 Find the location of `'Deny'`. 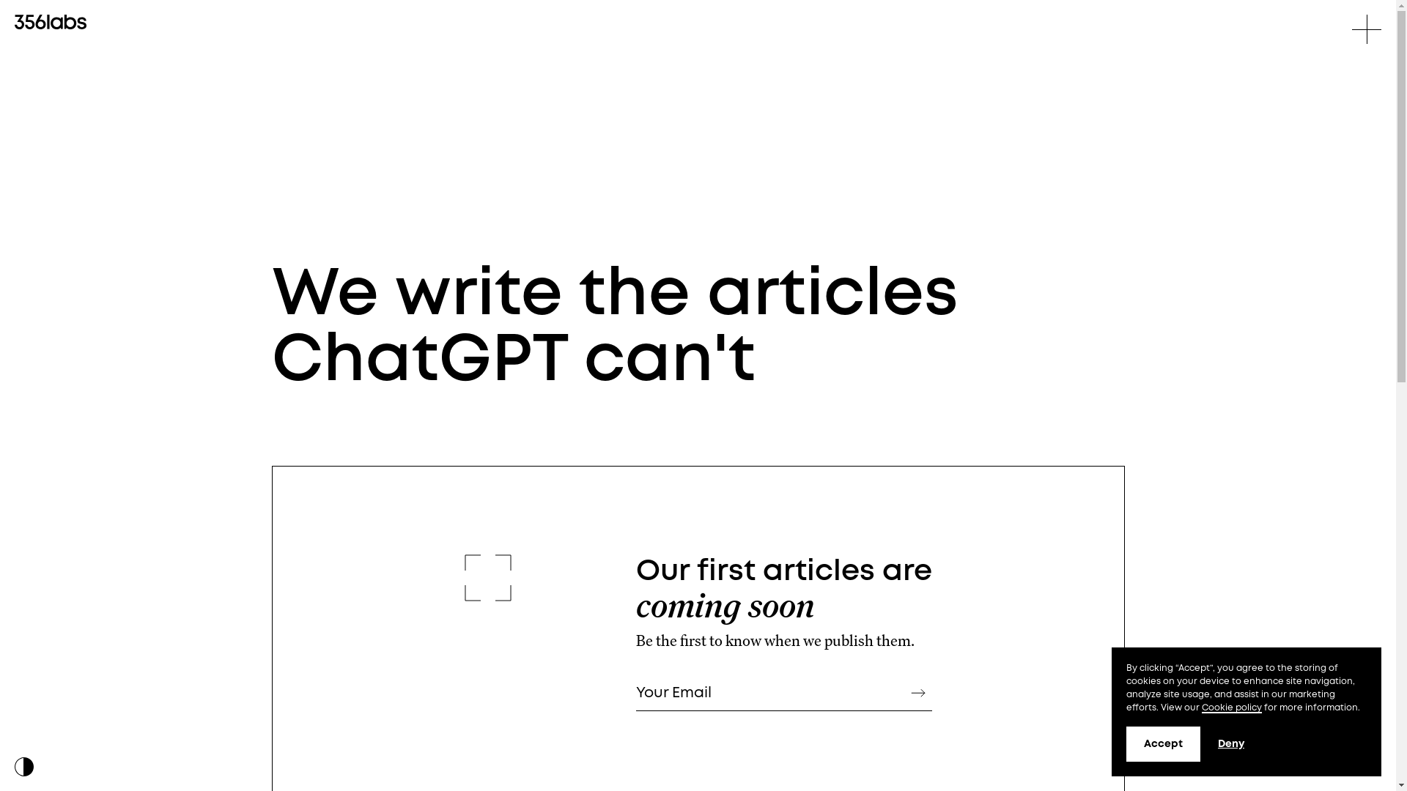

'Deny' is located at coordinates (1231, 743).